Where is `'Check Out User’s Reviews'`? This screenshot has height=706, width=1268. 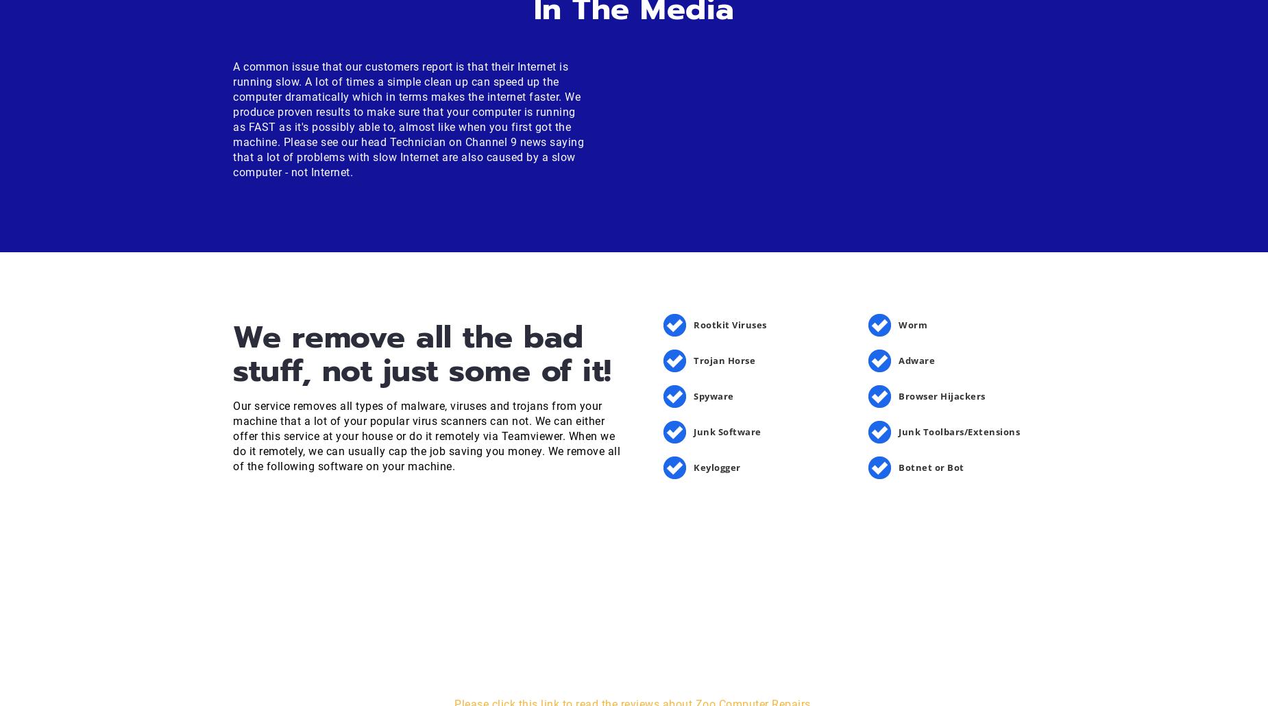
'Check Out User’s Reviews' is located at coordinates (431, 626).